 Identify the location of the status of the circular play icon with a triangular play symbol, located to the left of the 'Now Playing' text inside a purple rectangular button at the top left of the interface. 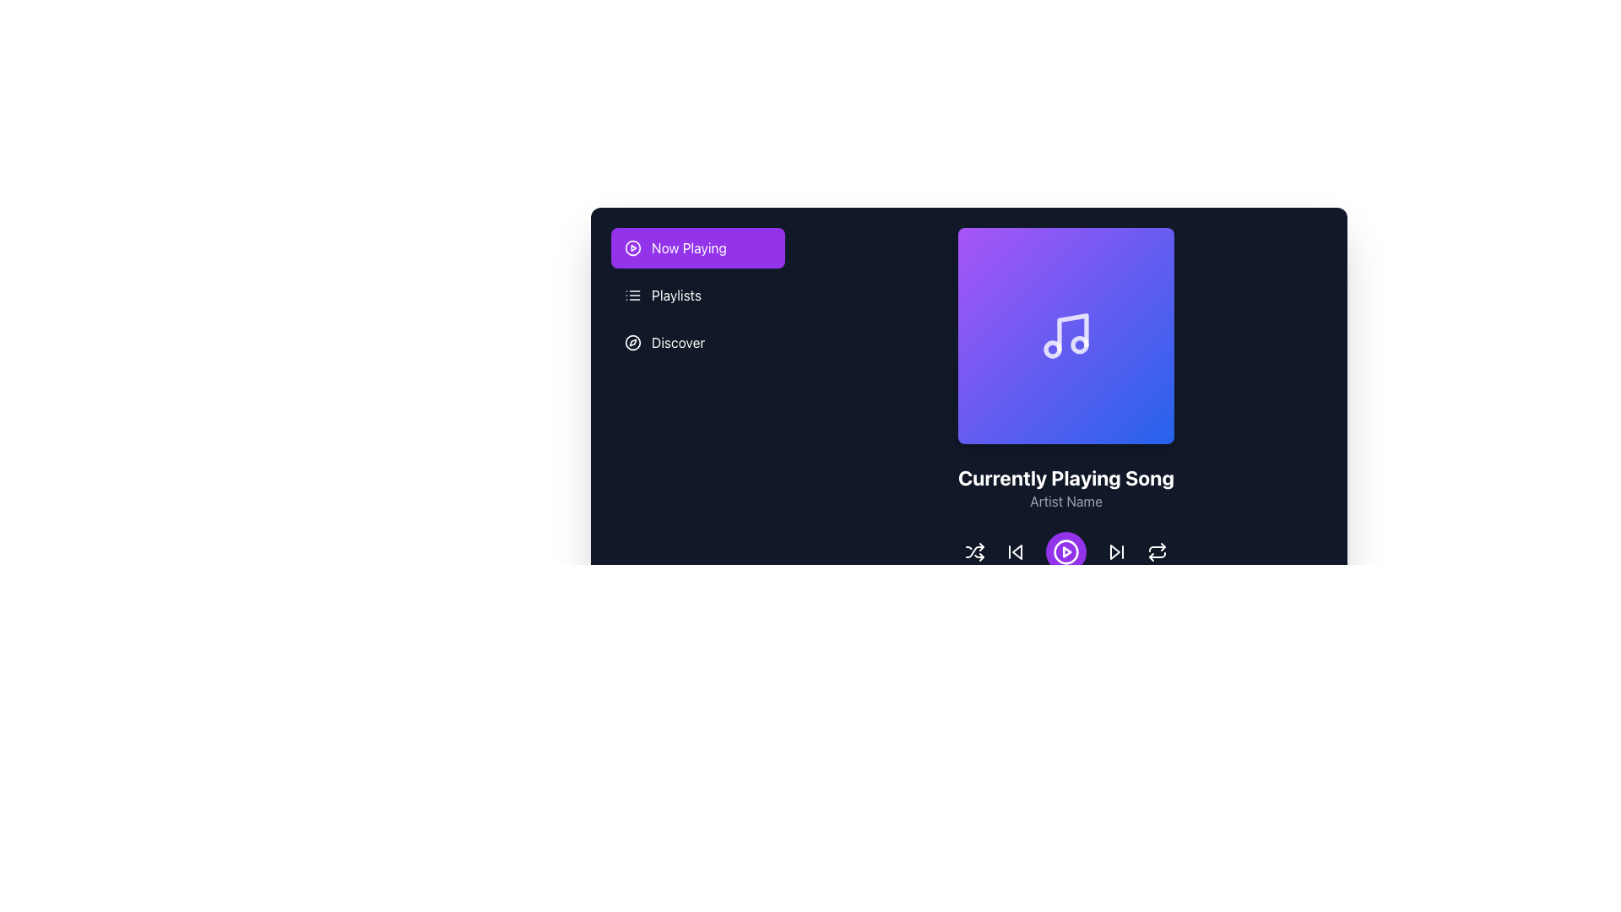
(632, 247).